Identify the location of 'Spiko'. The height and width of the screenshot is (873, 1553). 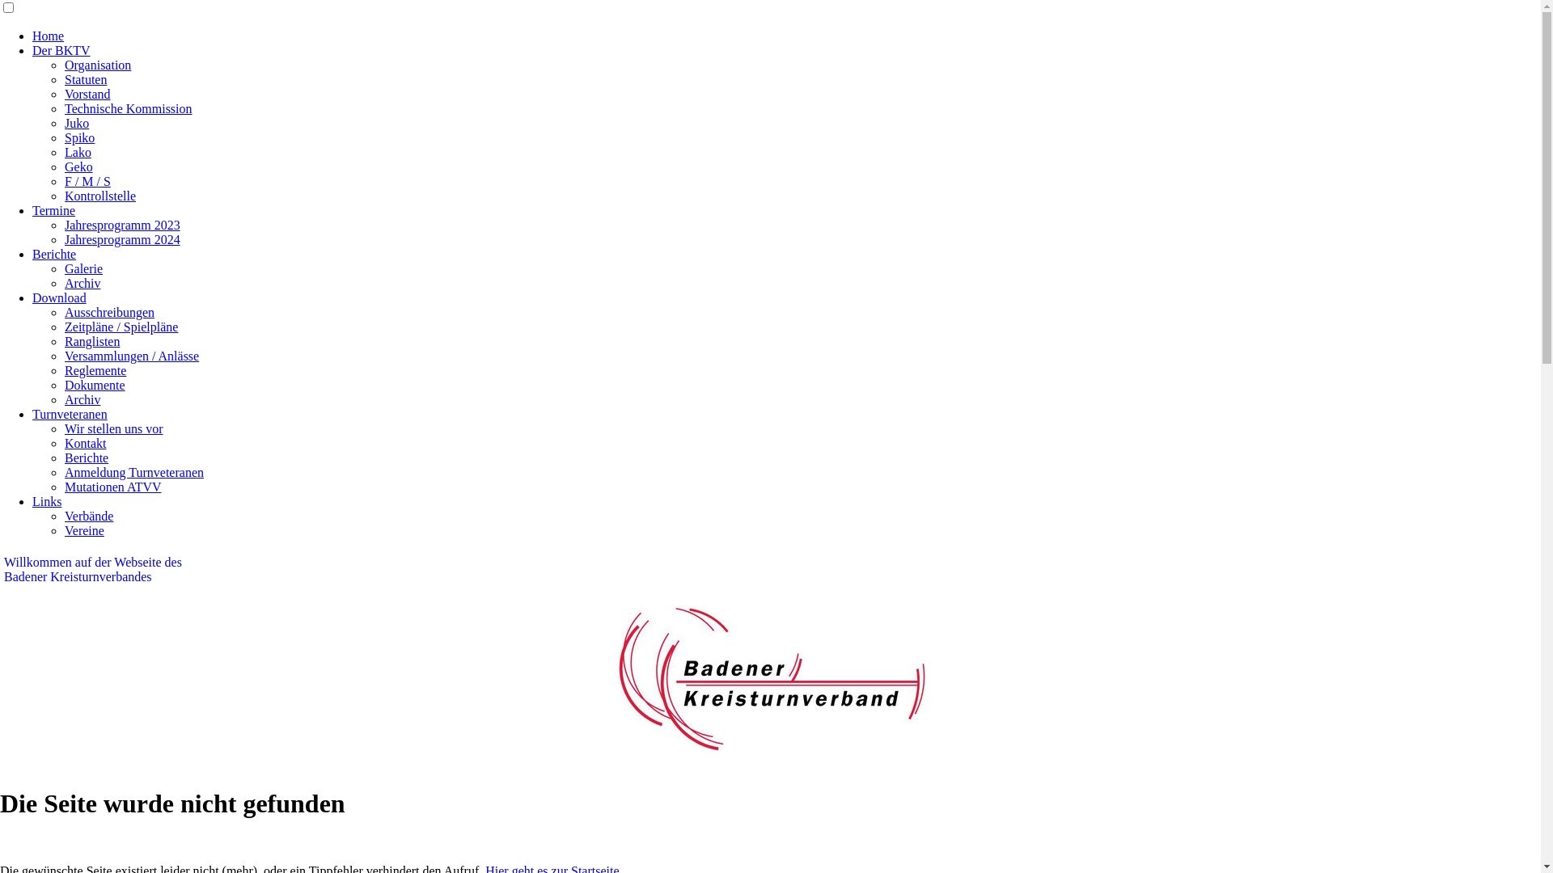
(78, 137).